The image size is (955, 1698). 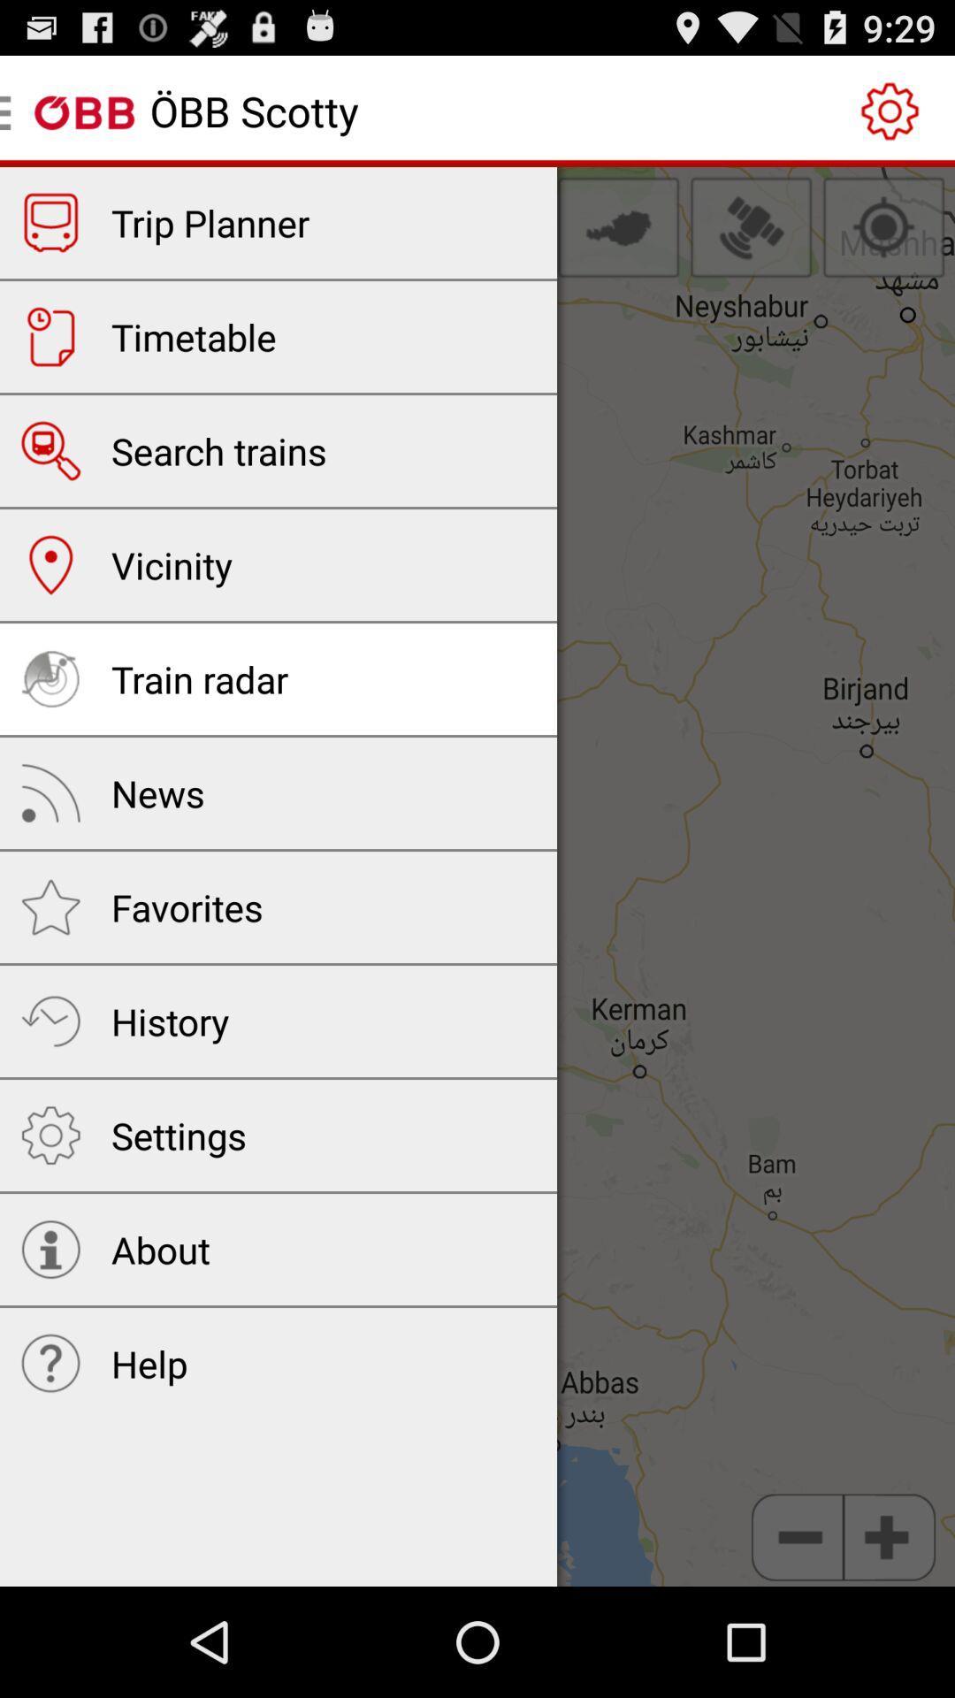 What do you see at coordinates (170, 1021) in the screenshot?
I see `history icon` at bounding box center [170, 1021].